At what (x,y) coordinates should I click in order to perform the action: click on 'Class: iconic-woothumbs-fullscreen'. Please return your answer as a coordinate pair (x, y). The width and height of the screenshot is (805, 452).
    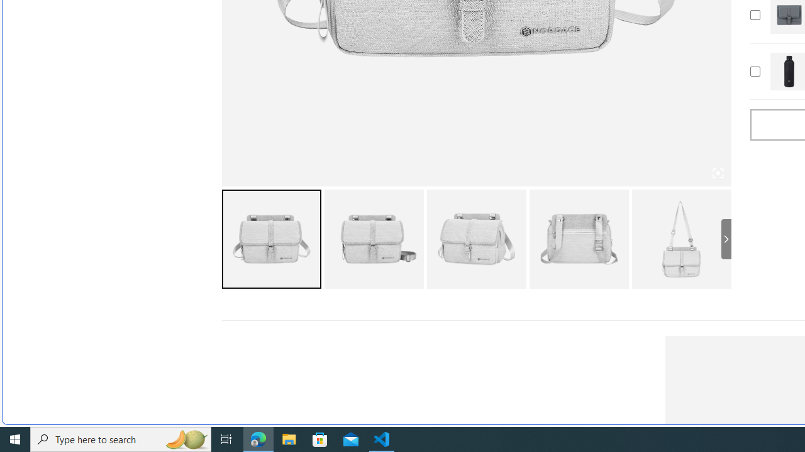
    Looking at the image, I should click on (718, 173).